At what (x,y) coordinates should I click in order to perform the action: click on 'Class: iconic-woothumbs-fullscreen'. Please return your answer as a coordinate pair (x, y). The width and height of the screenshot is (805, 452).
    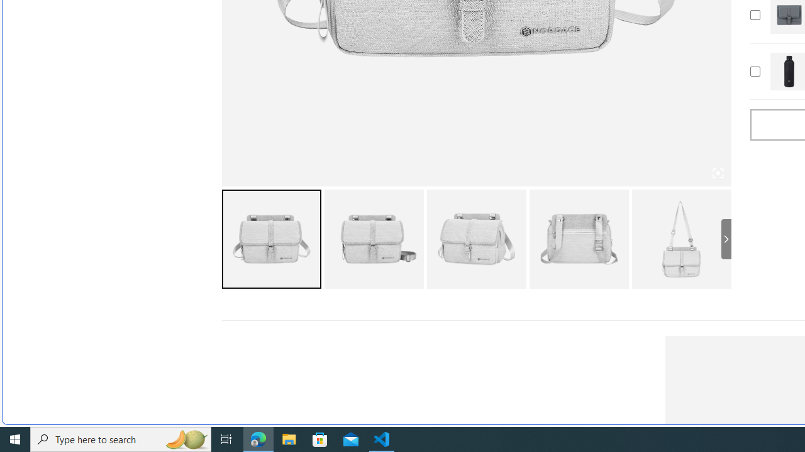
    Looking at the image, I should click on (718, 173).